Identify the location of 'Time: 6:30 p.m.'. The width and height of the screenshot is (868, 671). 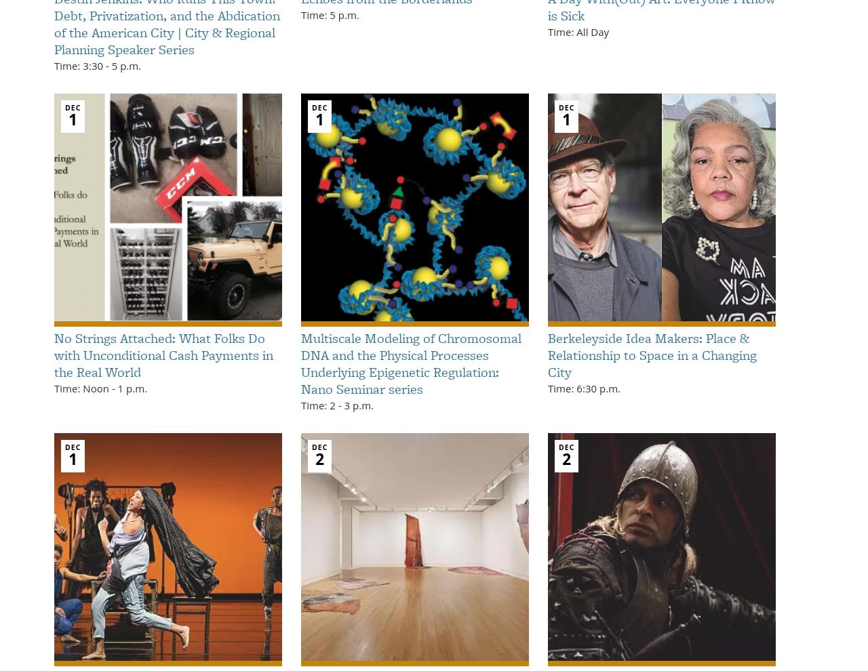
(584, 388).